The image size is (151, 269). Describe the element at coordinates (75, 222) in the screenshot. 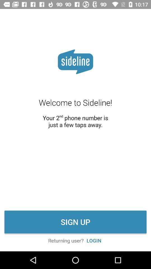

I see `sign up` at that location.